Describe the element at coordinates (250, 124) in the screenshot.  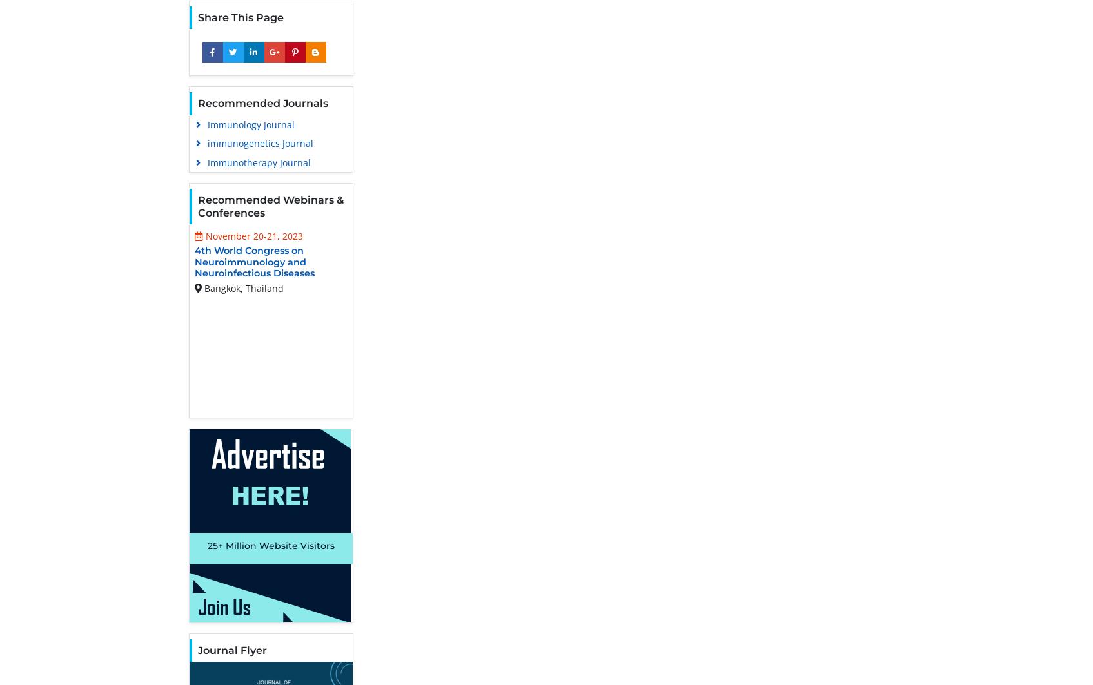
I see `'Immunology Journal'` at that location.